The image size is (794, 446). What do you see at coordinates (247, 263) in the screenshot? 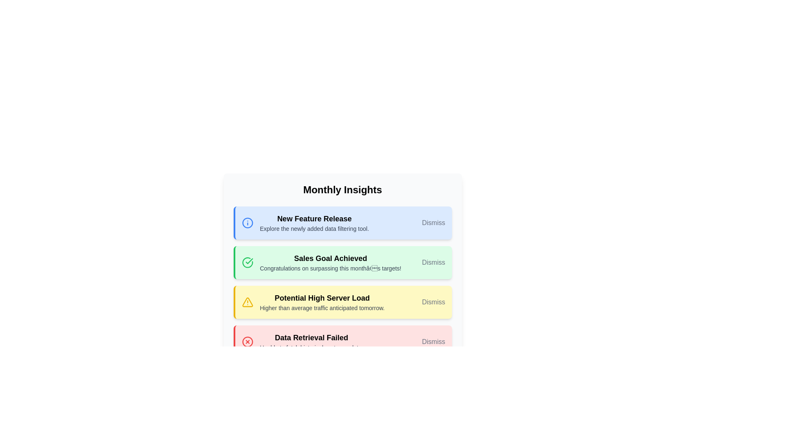
I see `success icon located within the 'Sales Goal Achieved' notification, which is positioned to the left of the 'Sales Goal Achieved' text and 'Dismiss' button` at bounding box center [247, 263].